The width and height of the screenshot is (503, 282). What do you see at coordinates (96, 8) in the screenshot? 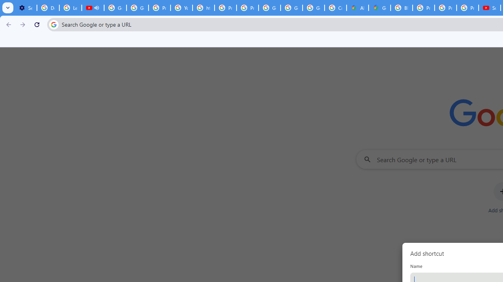
I see `'Mute tab'` at bounding box center [96, 8].